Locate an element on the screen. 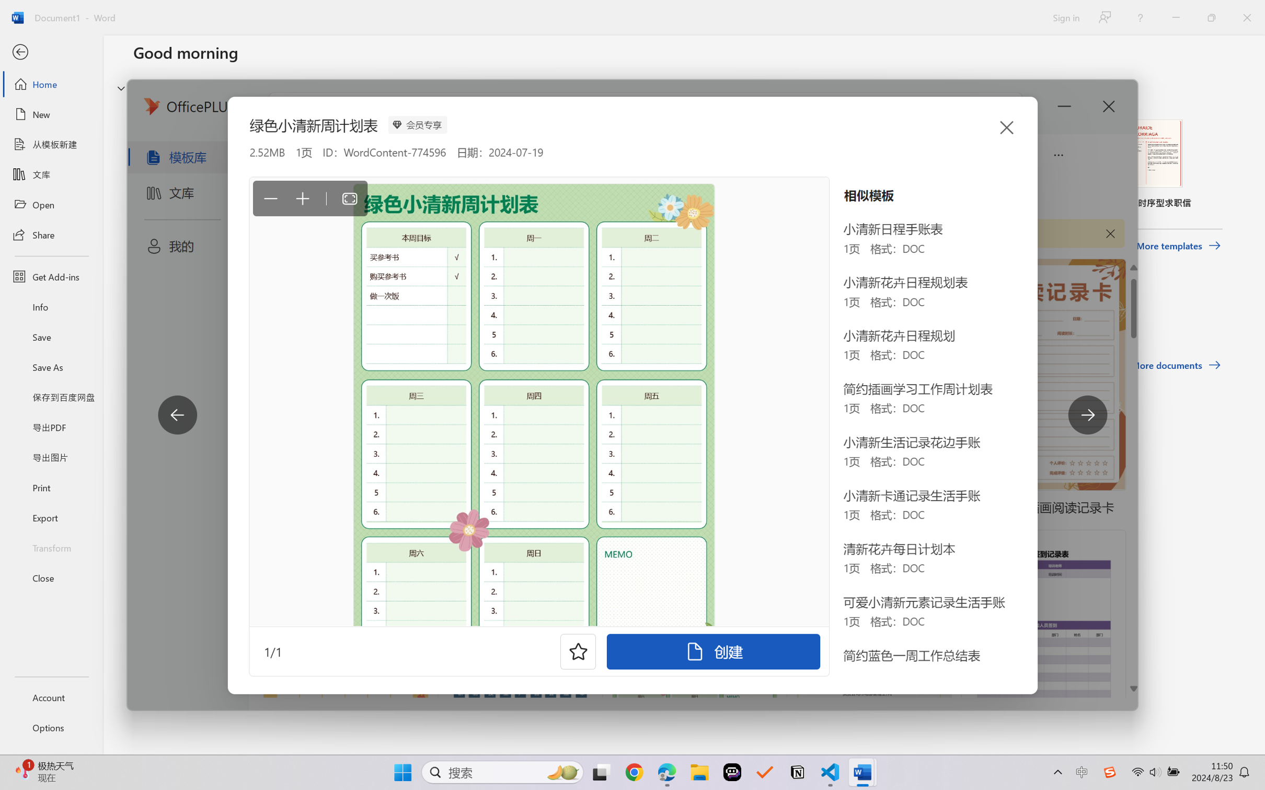  'Print' is located at coordinates (51, 487).